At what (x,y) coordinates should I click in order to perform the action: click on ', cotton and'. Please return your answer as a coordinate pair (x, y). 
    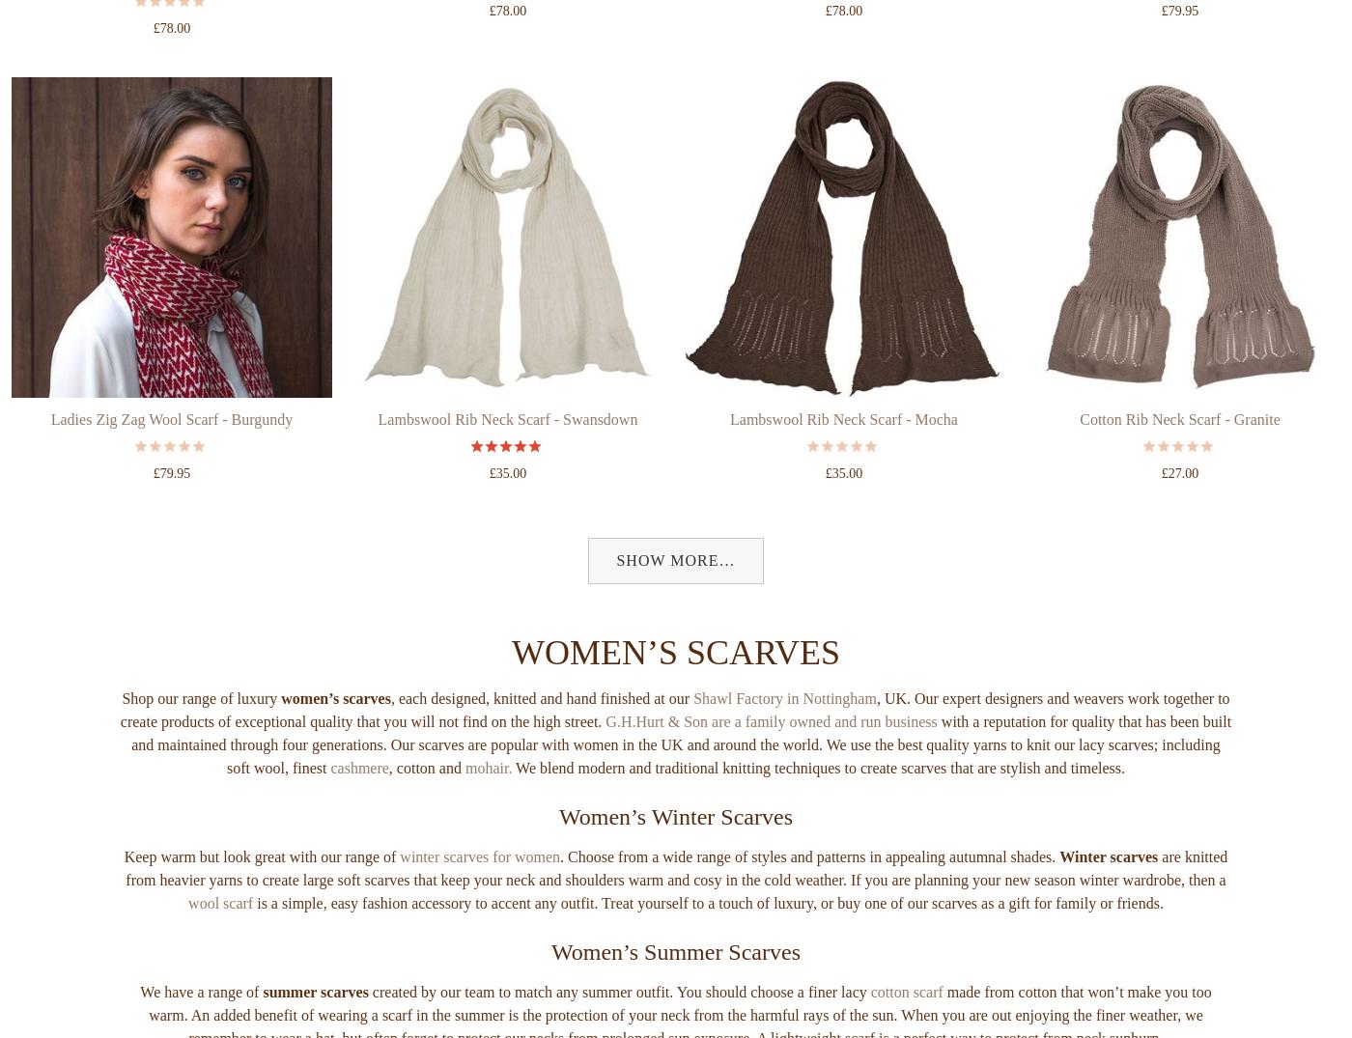
    Looking at the image, I should click on (426, 840).